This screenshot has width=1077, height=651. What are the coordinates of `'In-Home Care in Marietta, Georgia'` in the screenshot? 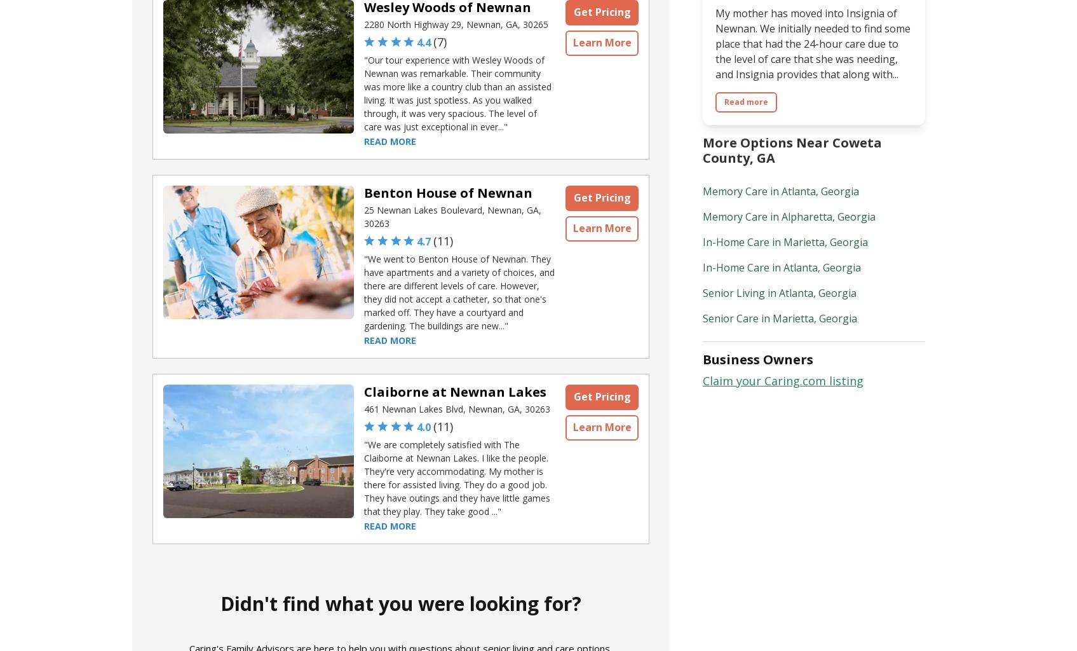 It's located at (785, 242).